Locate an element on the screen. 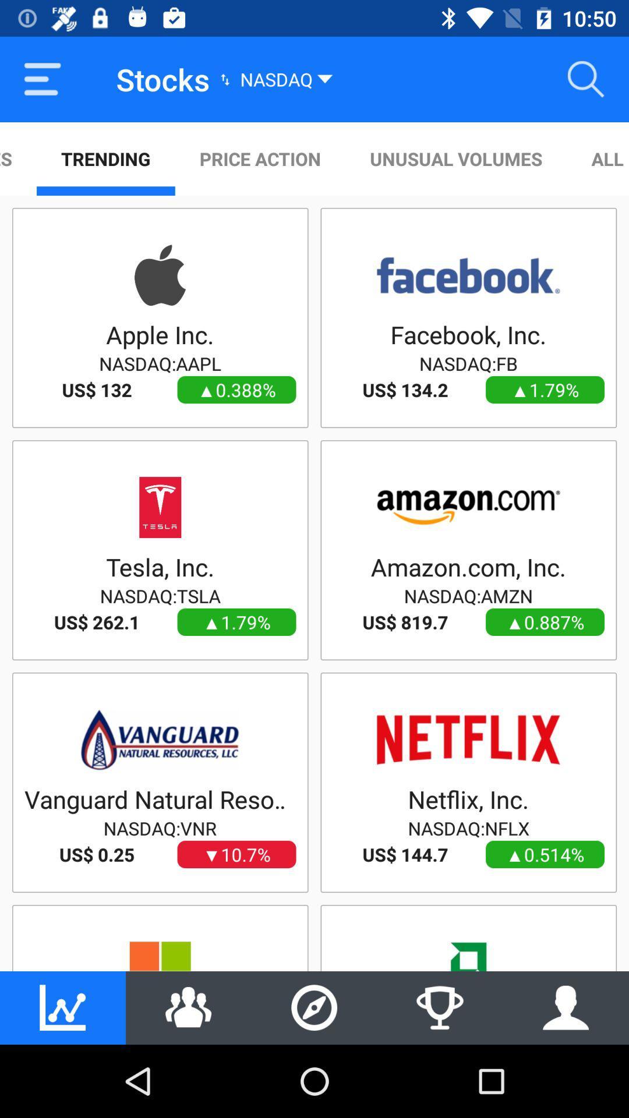 This screenshot has width=629, height=1118. the icon next to stocks item is located at coordinates (42, 79).